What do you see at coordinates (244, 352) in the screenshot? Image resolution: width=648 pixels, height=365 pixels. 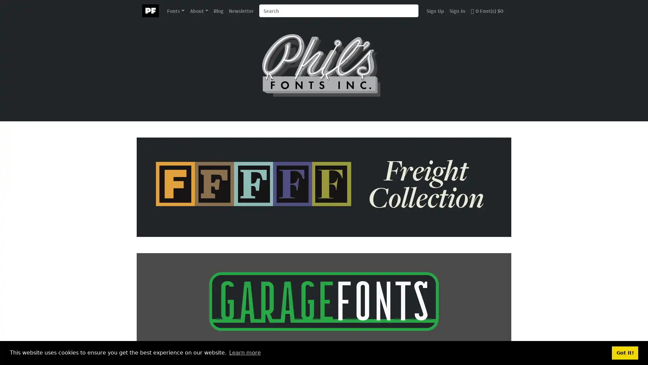 I see `learn more about cookies` at bounding box center [244, 352].